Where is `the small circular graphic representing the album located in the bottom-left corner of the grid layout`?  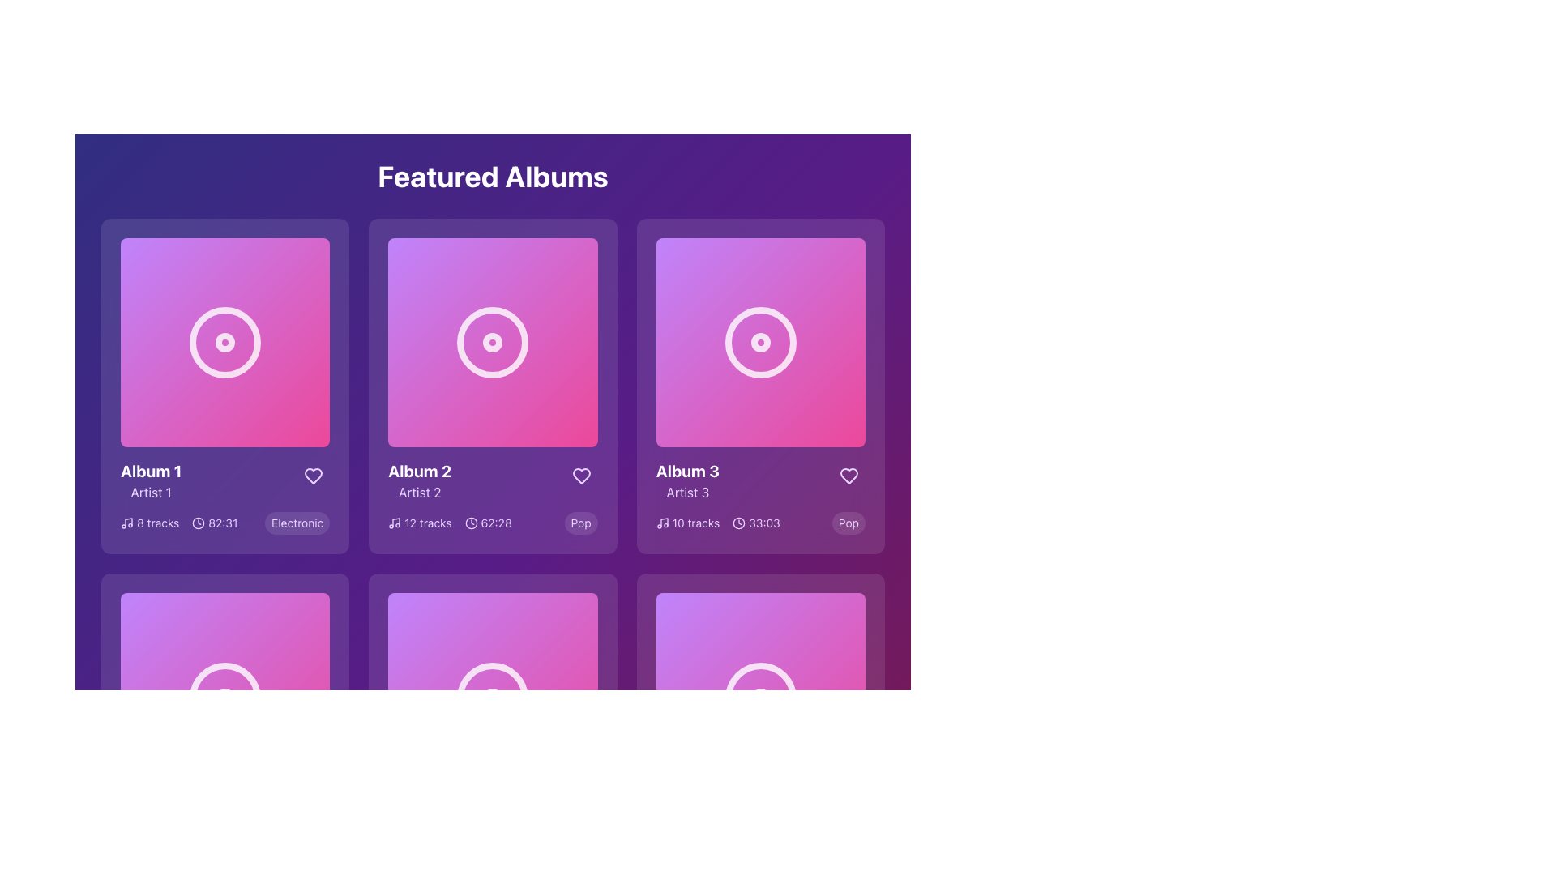
the small circular graphic representing the album located in the bottom-left corner of the grid layout is located at coordinates (224, 697).